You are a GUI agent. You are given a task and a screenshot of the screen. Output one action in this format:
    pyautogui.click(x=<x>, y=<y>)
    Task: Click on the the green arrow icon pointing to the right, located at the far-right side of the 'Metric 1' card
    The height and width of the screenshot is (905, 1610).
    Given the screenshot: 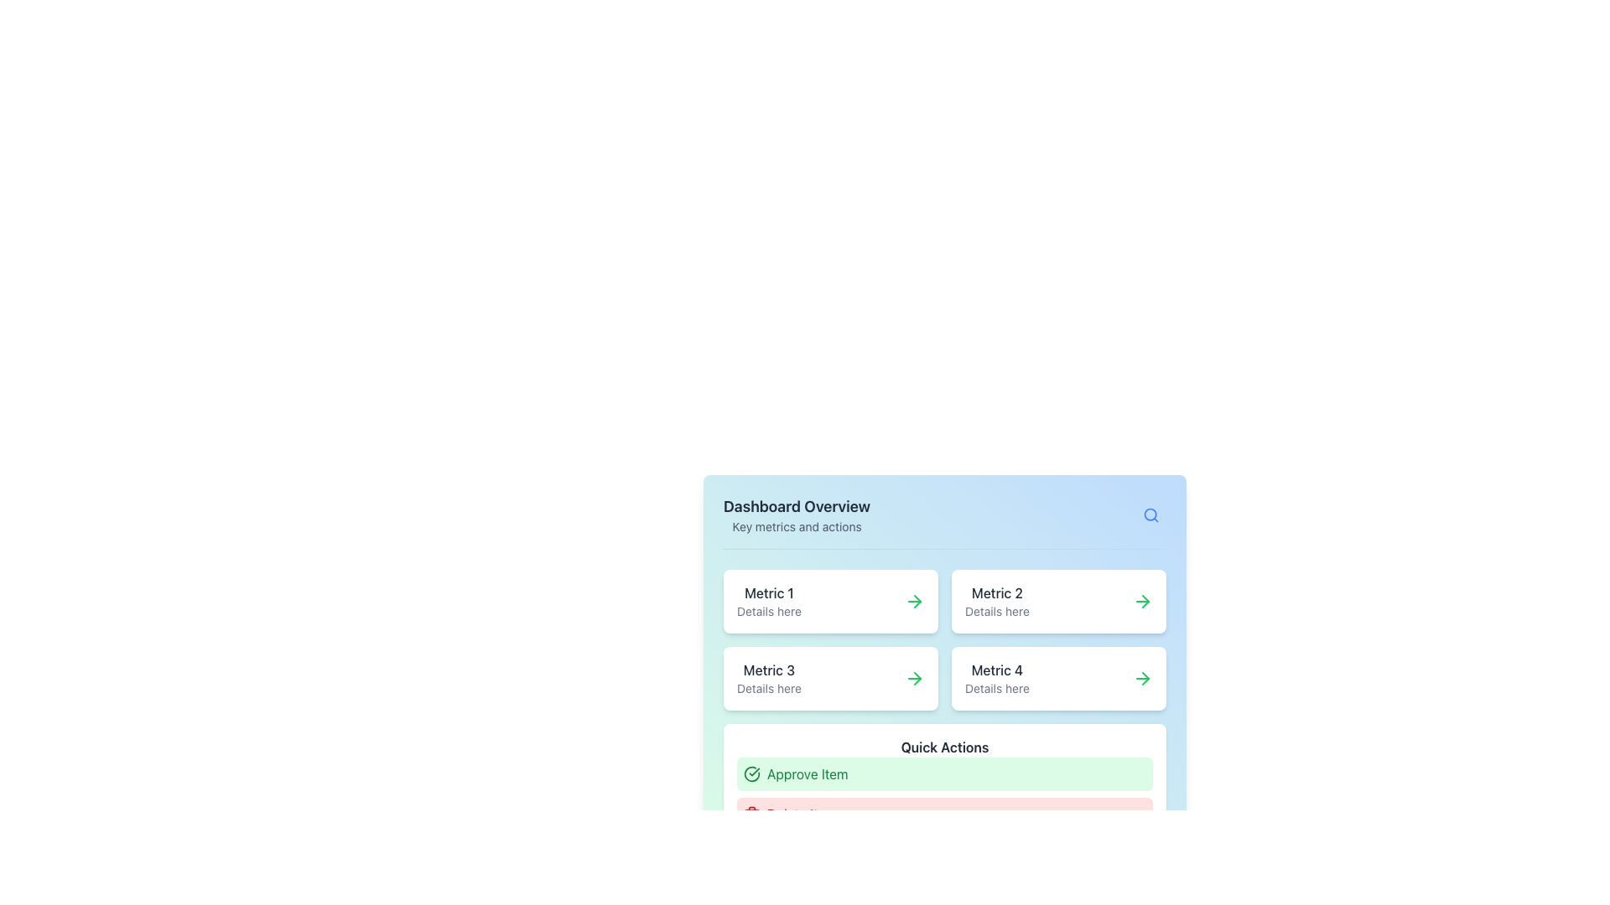 What is the action you would take?
    pyautogui.click(x=913, y=600)
    